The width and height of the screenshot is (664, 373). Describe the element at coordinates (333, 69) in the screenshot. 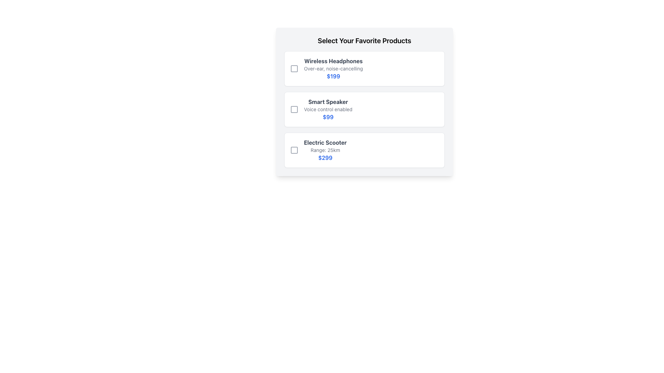

I see `the Text label that provides additional information about the product, positioned below 'Wireless Headphones' and above the price '$199'` at that location.